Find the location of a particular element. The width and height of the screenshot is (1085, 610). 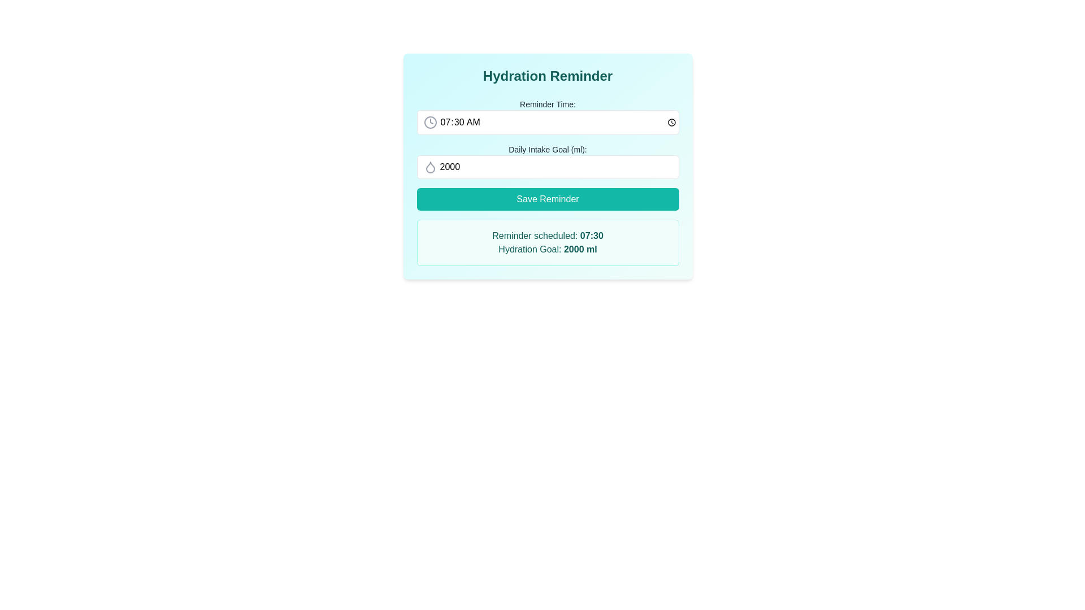

the droplet-shaped graphical icon located inside the input field under 'Daily Intake Goal (ml):' is located at coordinates (429, 167).